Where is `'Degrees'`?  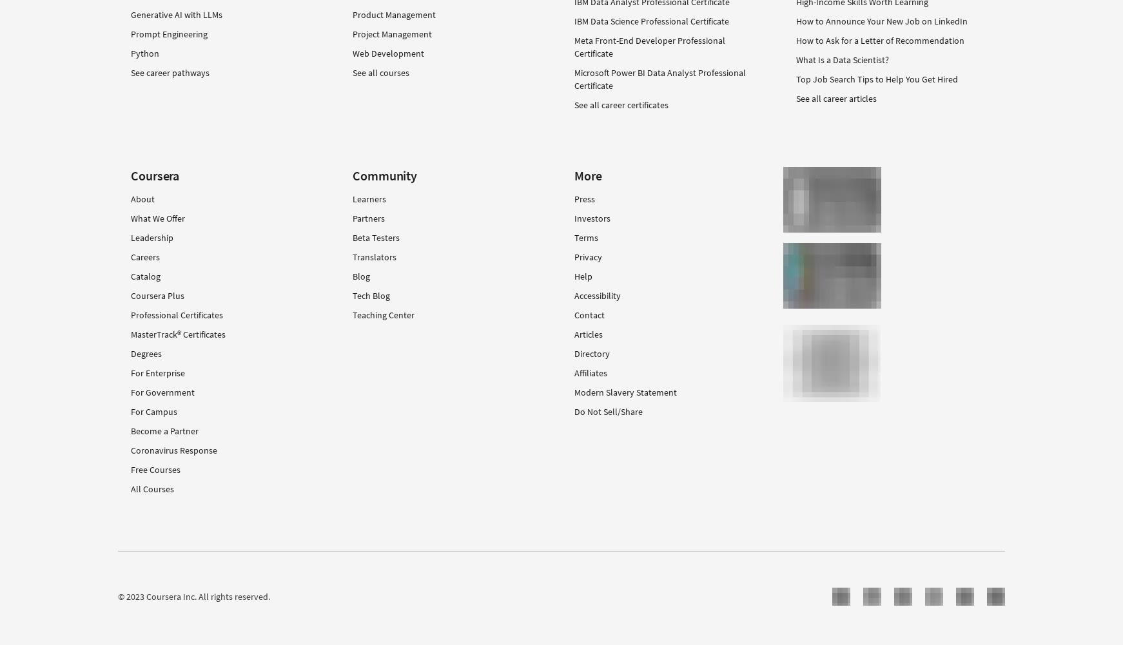
'Degrees' is located at coordinates (146, 353).